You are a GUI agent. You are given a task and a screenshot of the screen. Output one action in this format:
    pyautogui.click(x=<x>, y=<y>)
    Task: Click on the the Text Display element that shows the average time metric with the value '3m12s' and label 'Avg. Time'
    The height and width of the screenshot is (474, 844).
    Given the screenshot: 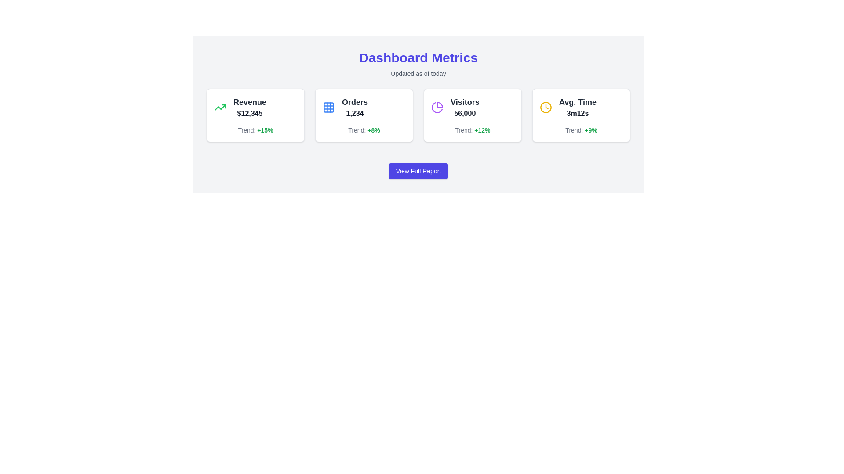 What is the action you would take?
    pyautogui.click(x=578, y=107)
    